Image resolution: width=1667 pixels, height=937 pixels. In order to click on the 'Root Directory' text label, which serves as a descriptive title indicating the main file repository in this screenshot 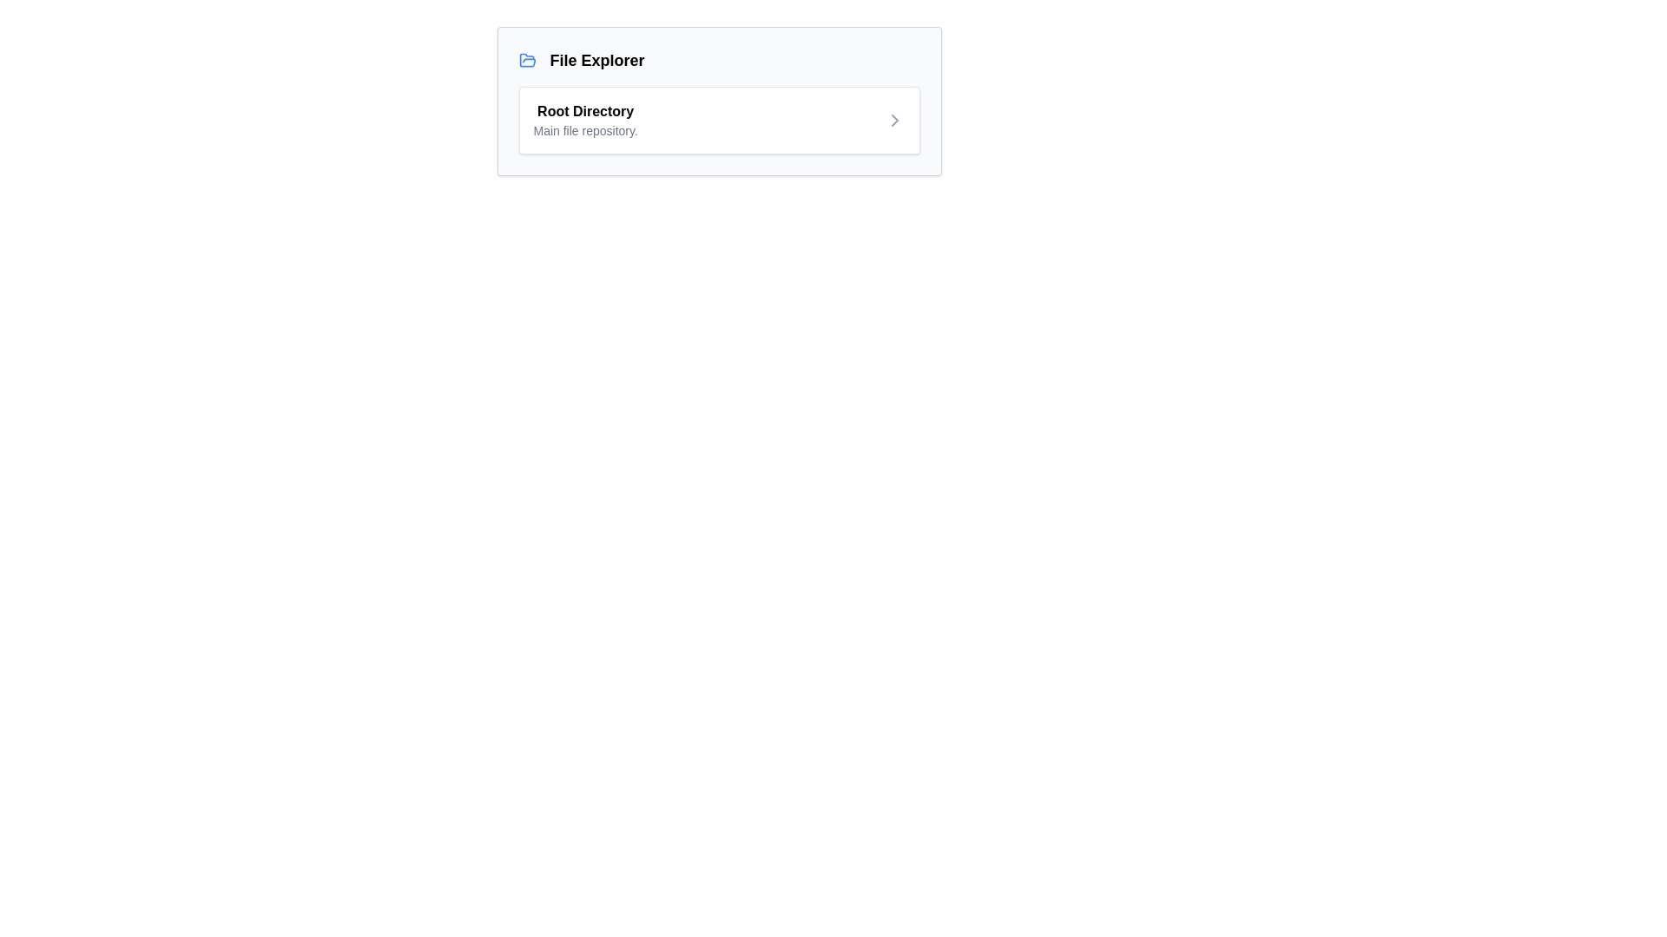, I will do `click(585, 119)`.